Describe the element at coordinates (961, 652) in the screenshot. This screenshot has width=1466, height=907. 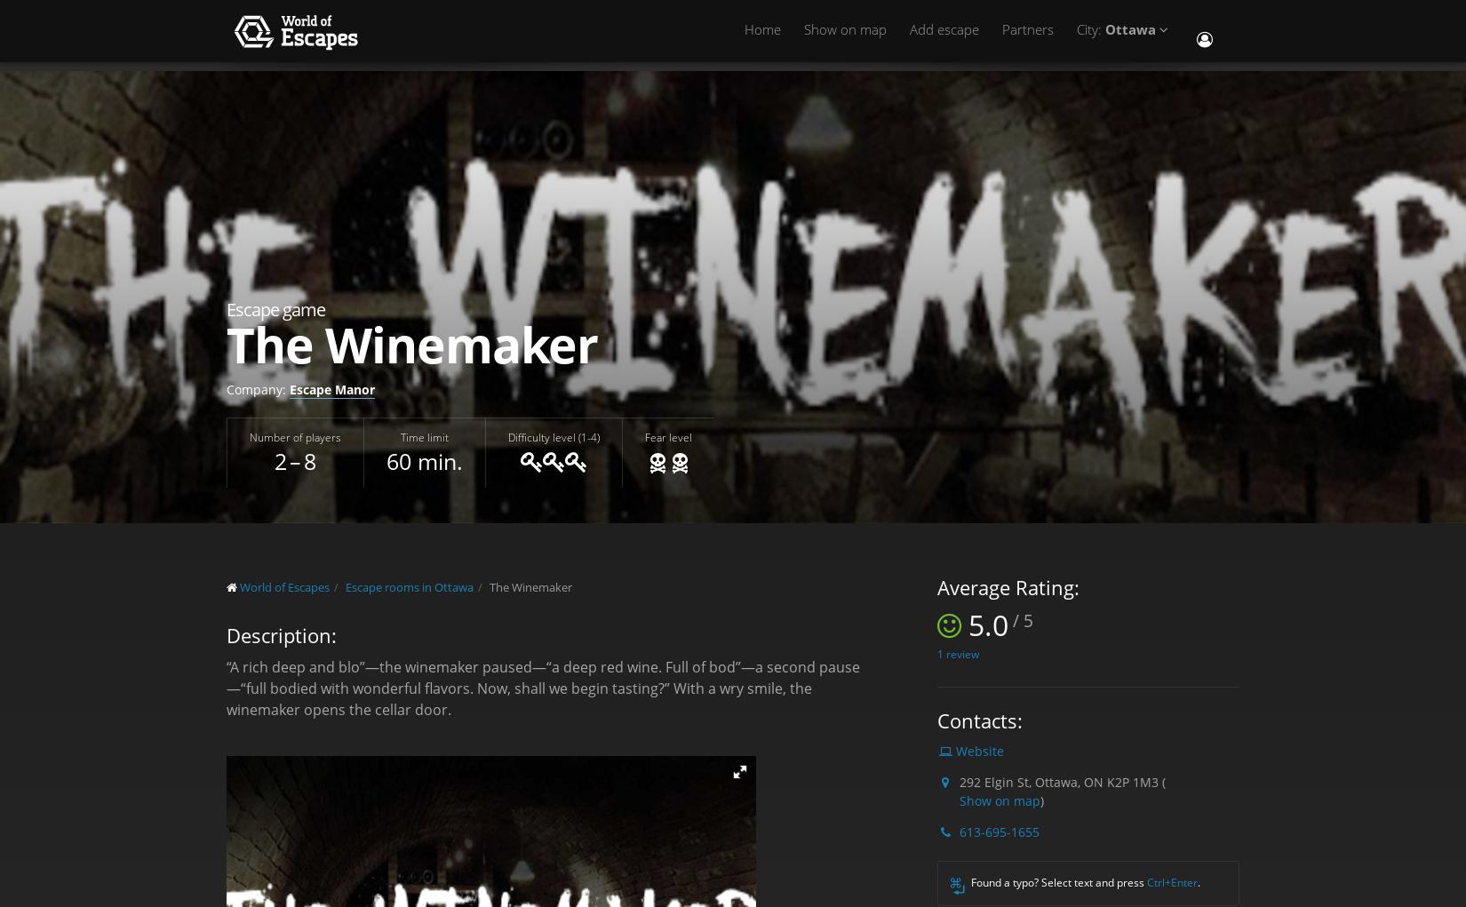
I see `'review'` at that location.